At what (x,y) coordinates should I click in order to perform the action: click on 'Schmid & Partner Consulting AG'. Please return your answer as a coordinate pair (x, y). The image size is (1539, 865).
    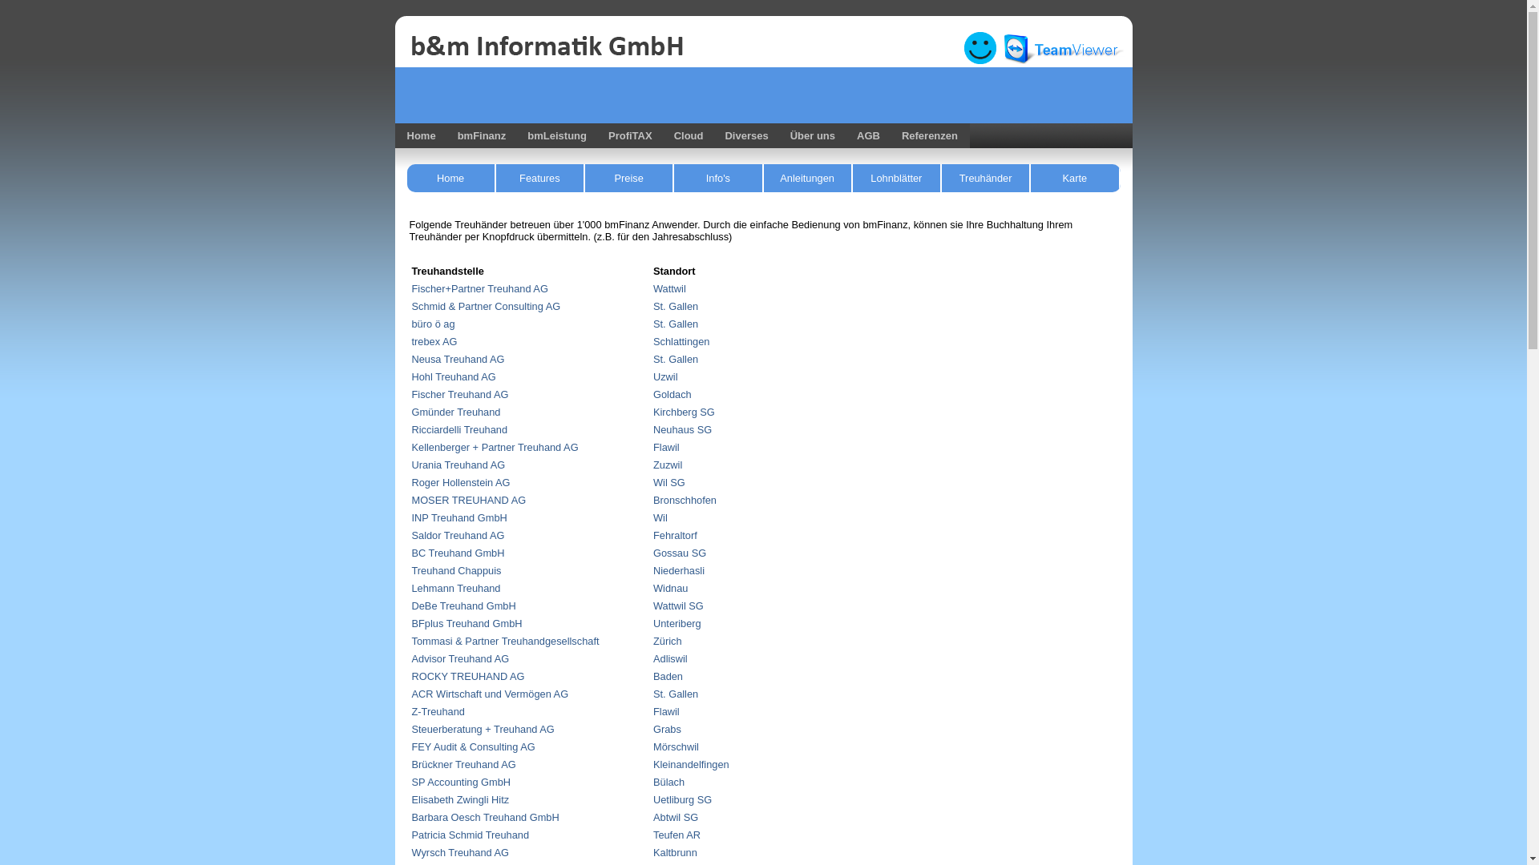
    Looking at the image, I should click on (485, 306).